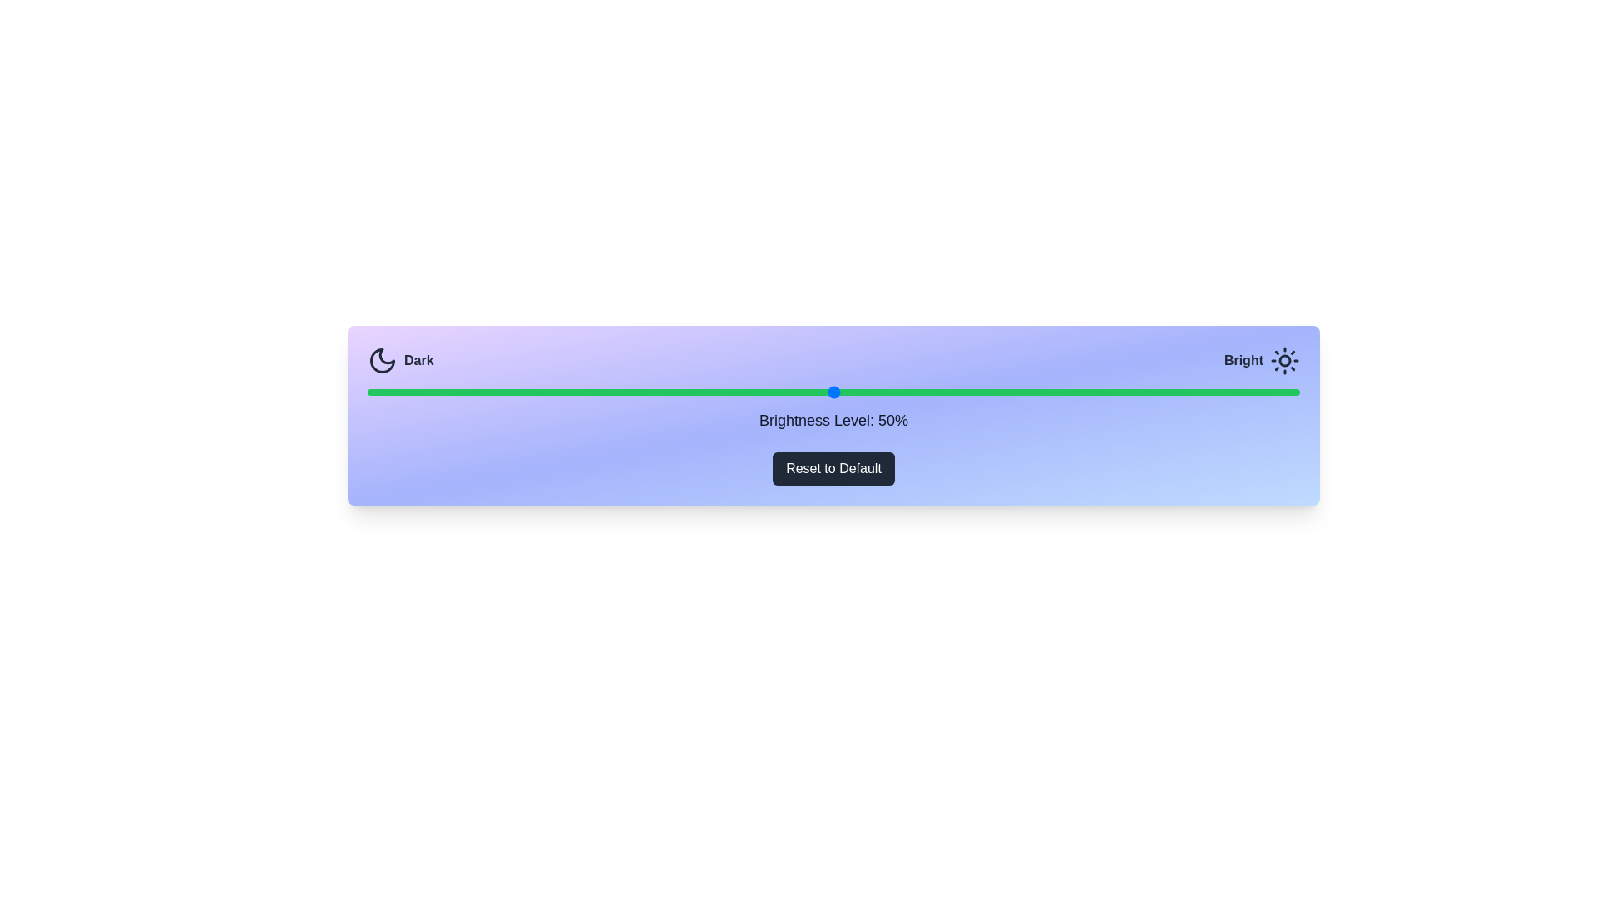  Describe the element at coordinates (973, 392) in the screenshot. I see `the brightness slider to 65%` at that location.